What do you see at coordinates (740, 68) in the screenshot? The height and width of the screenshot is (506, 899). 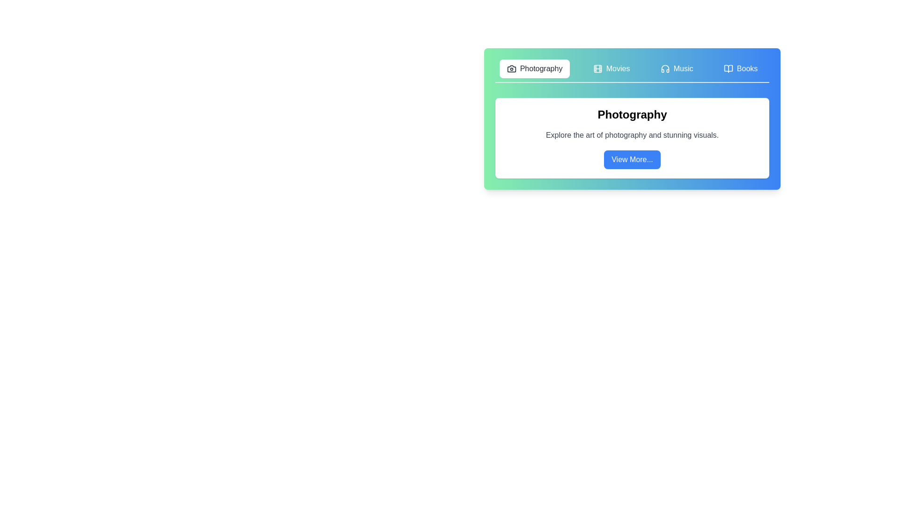 I see `the Books tab to view its content` at bounding box center [740, 68].